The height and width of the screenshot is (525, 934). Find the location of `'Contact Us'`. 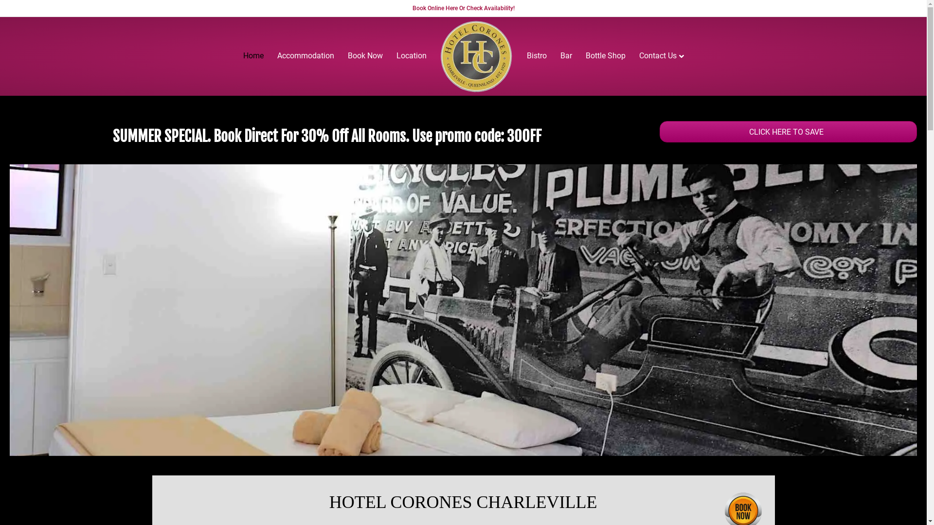

'Contact Us' is located at coordinates (661, 56).